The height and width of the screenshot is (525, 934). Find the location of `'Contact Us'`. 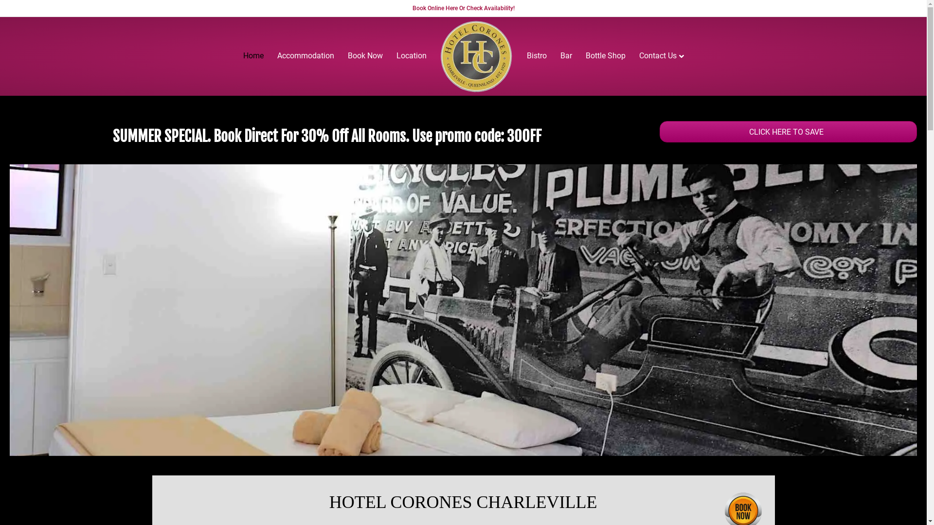

'Contact Us' is located at coordinates (661, 56).